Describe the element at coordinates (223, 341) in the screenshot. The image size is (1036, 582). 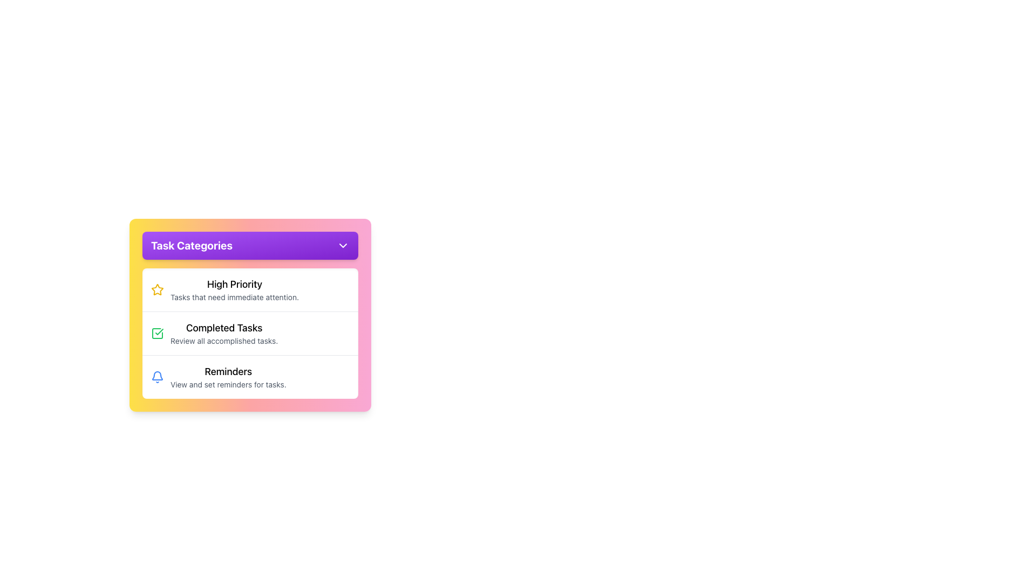
I see `the Text Label that provides additional information about the 'Completed Tasks' section, which is located beneath the 'Completed Tasks' heading in a centrally presented card` at that location.